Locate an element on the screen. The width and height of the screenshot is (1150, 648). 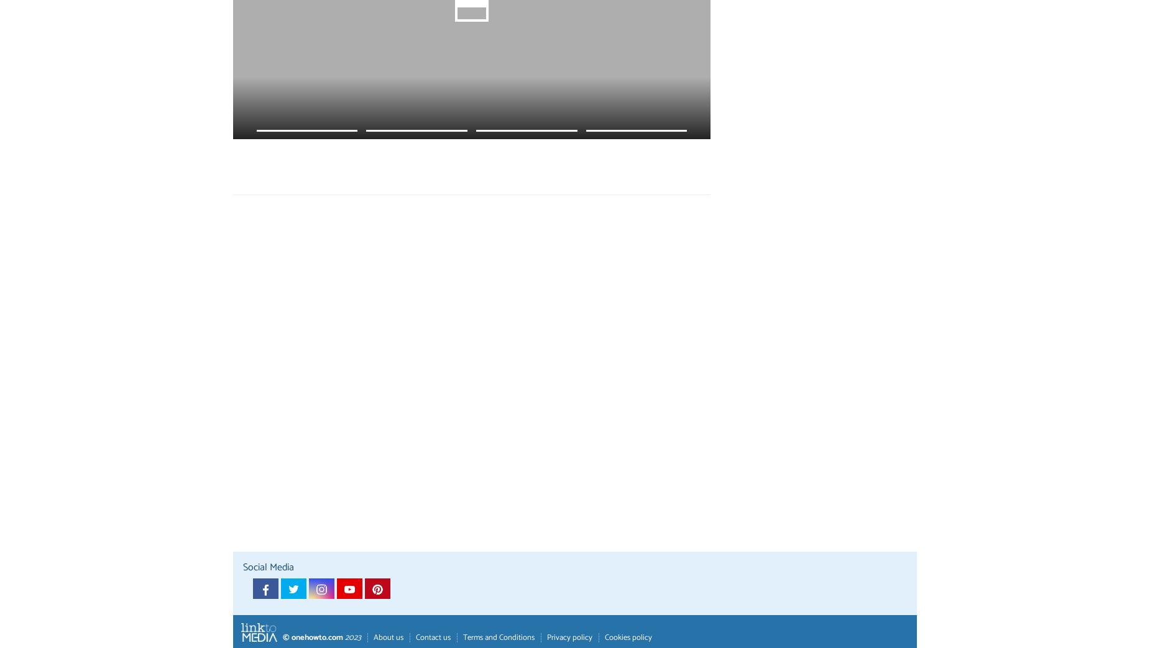
')' is located at coordinates (496, 503).